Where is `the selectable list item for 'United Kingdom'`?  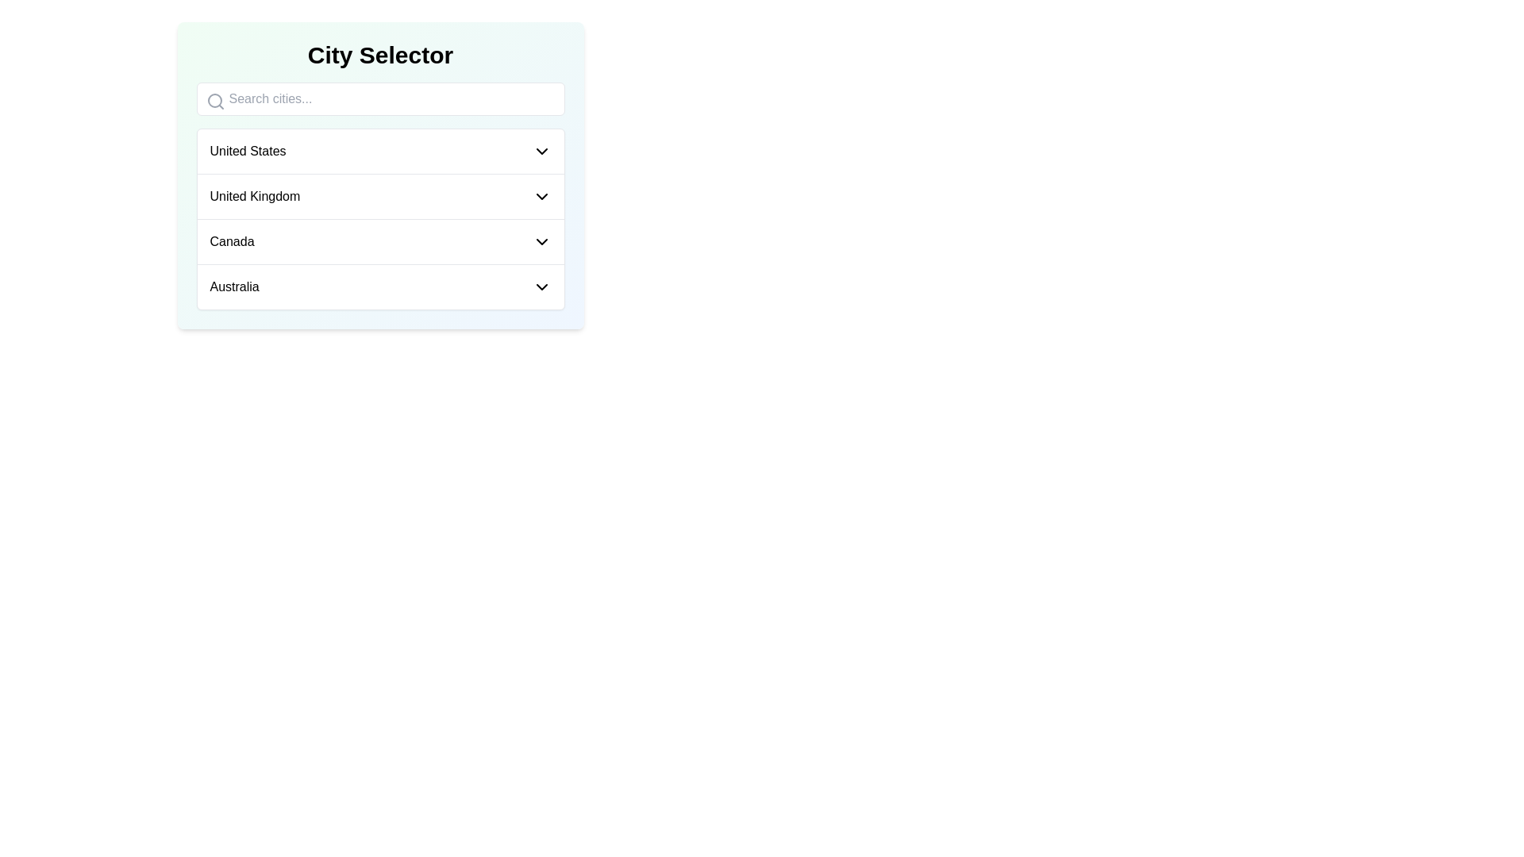
the selectable list item for 'United Kingdom' is located at coordinates (379, 196).